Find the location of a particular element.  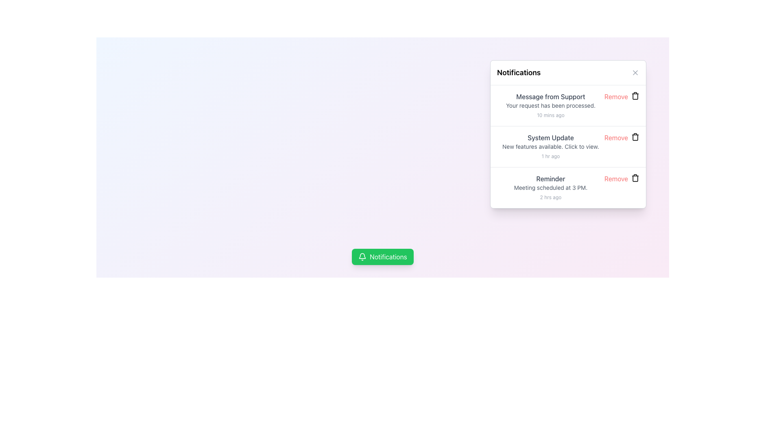

the delete button located in the notification UI card under the headline 'System Update', beside the timestamp '1 hr ago' is located at coordinates (616, 137).